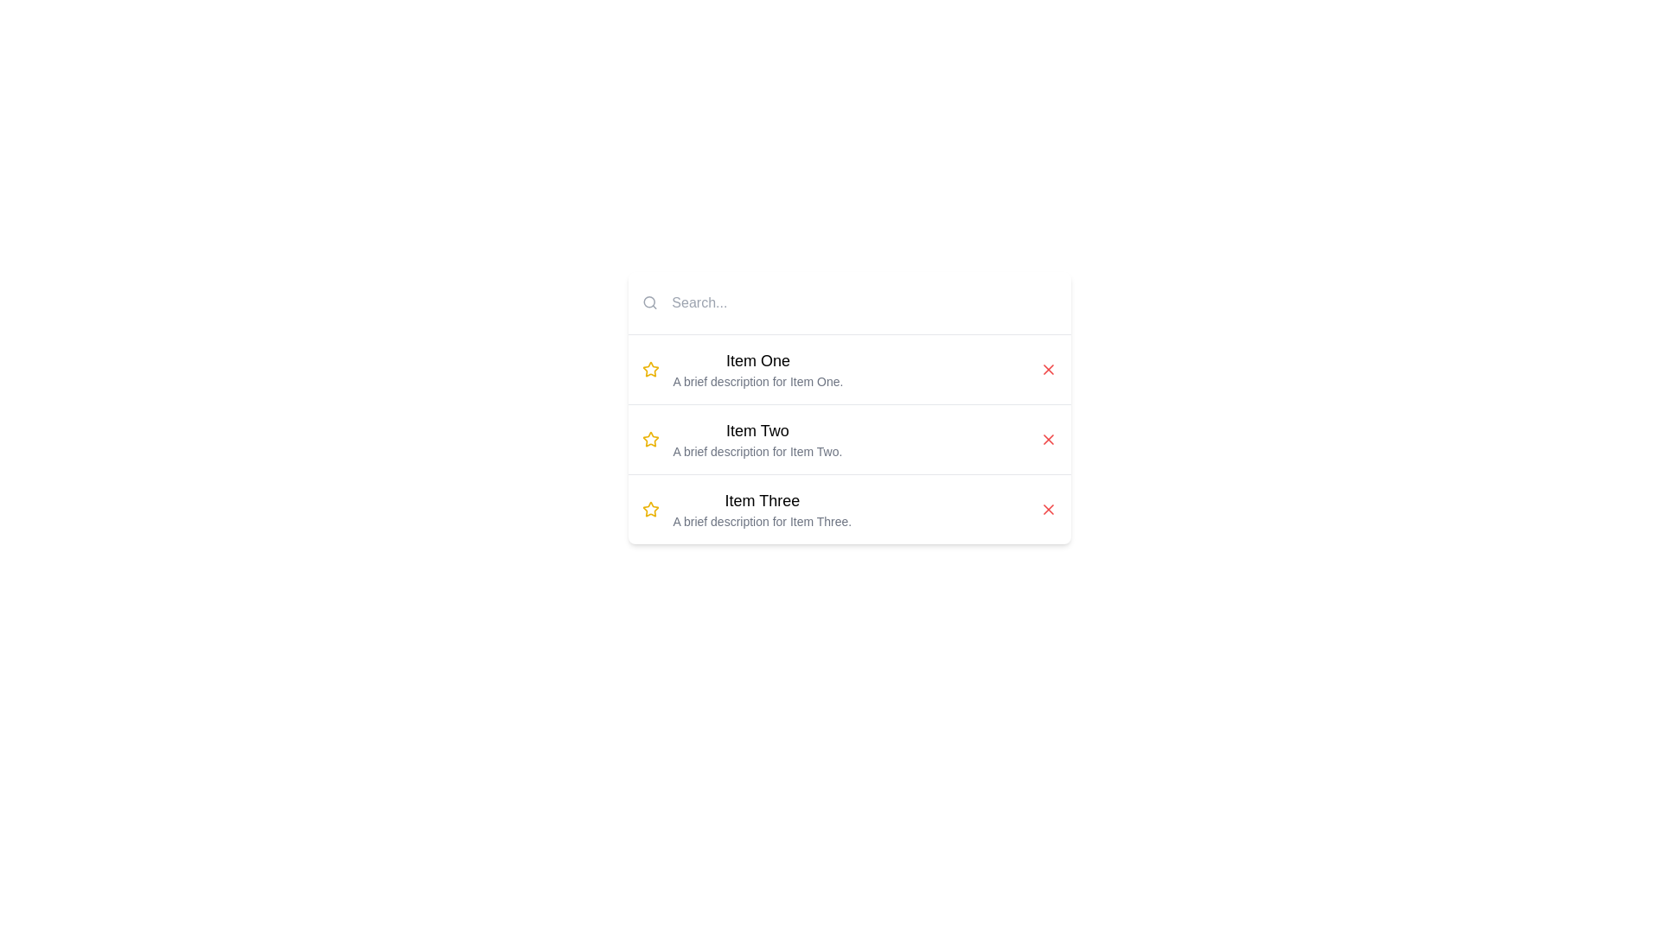 This screenshot has height=933, width=1660. I want to click on the decorative SVG circle within the magnifying-glass icon located at the top-left corner of the interface, adjacent to the search placeholder text box, so click(648, 301).